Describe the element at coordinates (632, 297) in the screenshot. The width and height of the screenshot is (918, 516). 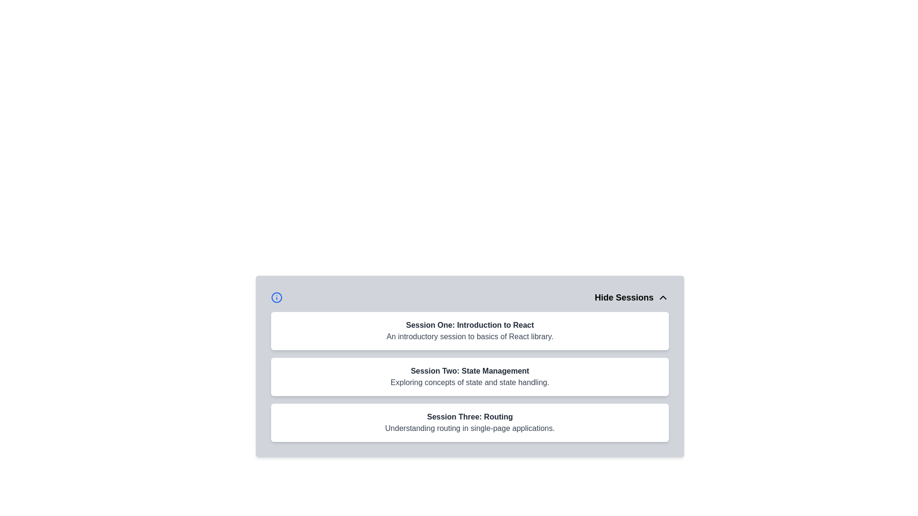
I see `the interactive button-like text label with a chevron icon` at that location.